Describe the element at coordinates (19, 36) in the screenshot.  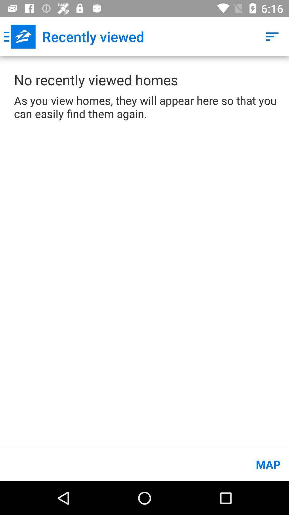
I see `app to the left of the recently viewed` at that location.